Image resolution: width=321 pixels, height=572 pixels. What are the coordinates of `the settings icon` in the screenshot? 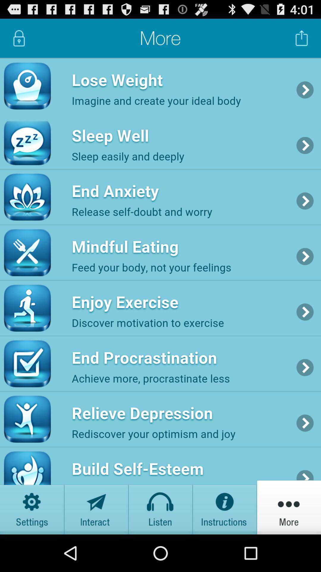 It's located at (32, 543).